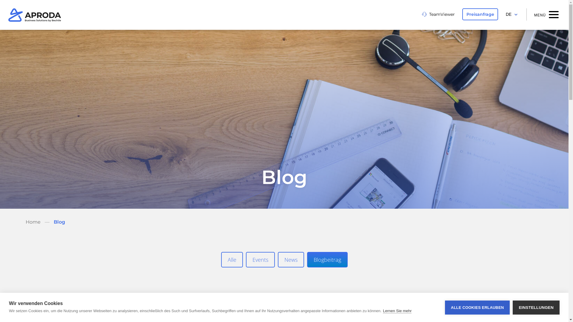 The width and height of the screenshot is (573, 322). I want to click on 'Blogbeitrag', so click(326, 259).